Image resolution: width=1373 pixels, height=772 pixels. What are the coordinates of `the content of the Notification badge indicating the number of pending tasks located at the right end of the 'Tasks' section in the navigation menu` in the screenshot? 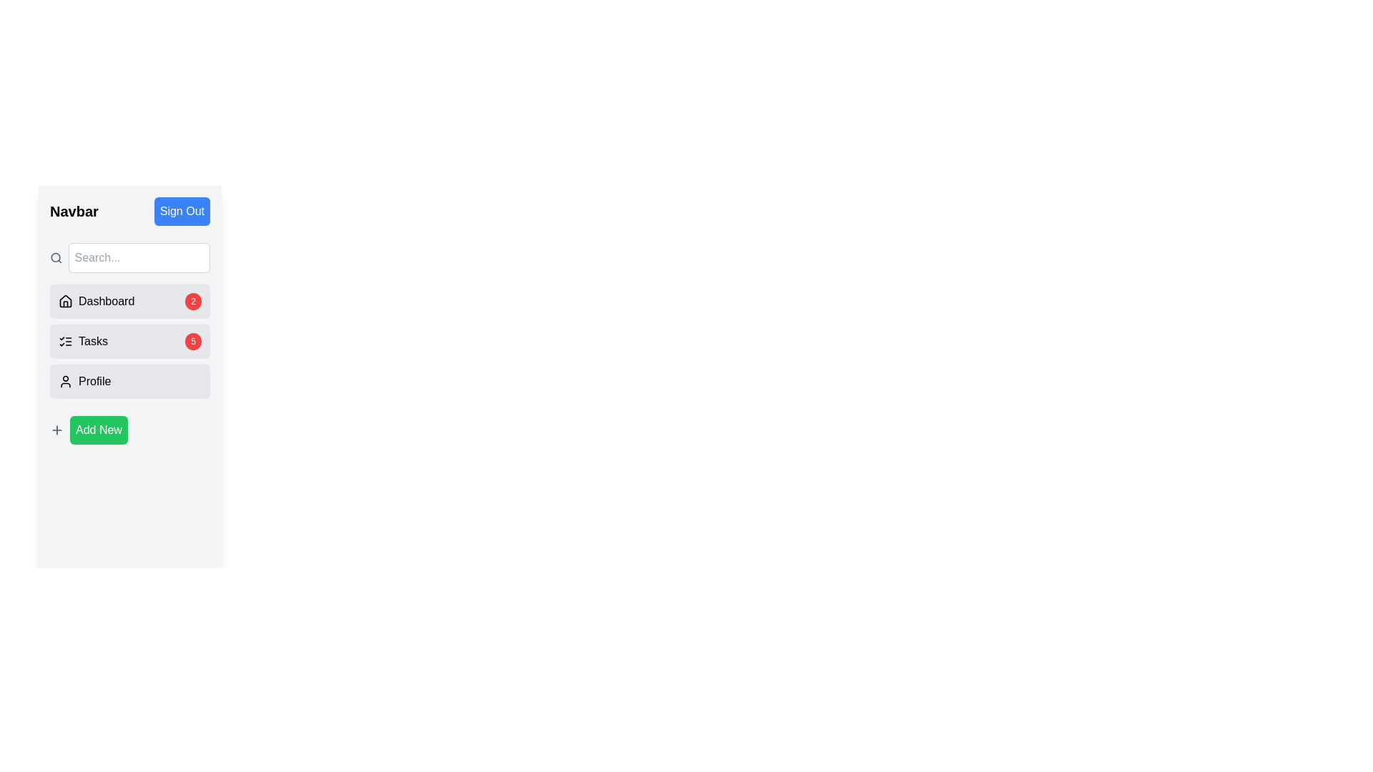 It's located at (192, 342).